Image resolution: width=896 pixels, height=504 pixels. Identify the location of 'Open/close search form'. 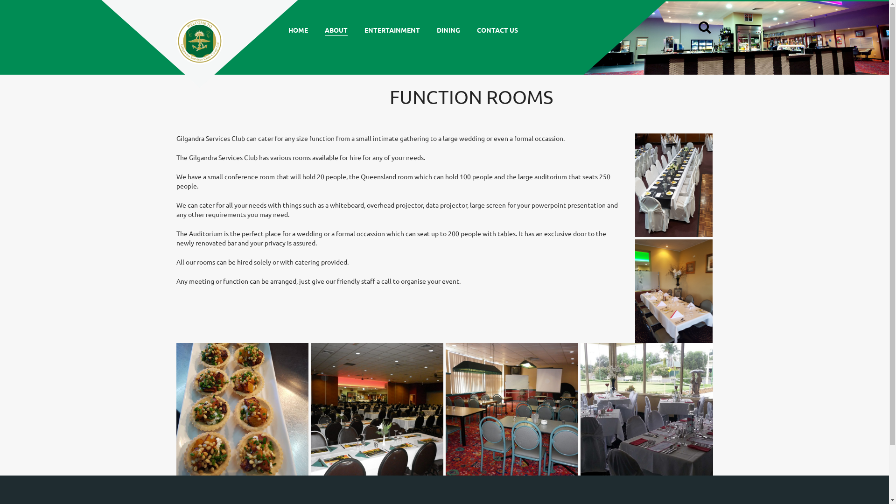
(703, 28).